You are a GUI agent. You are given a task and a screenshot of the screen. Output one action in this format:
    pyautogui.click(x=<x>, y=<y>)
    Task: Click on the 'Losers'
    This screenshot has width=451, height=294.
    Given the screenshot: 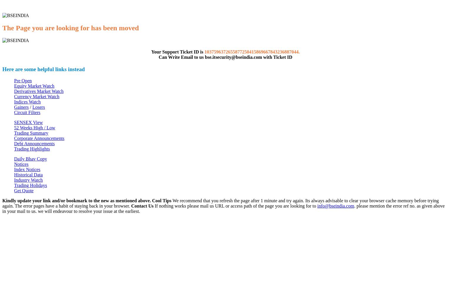 What is the action you would take?
    pyautogui.click(x=38, y=107)
    